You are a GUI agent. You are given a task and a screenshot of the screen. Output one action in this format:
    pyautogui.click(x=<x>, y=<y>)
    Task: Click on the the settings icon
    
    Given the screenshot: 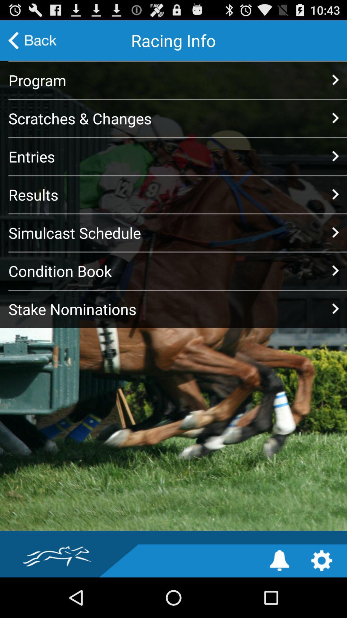 What is the action you would take?
    pyautogui.click(x=322, y=599)
    